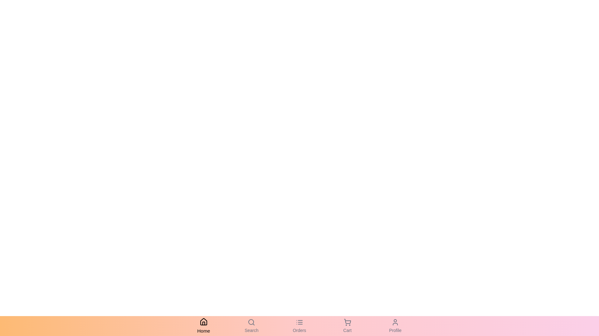  Describe the element at coordinates (299, 326) in the screenshot. I see `the Orders tab by clicking on it` at that location.